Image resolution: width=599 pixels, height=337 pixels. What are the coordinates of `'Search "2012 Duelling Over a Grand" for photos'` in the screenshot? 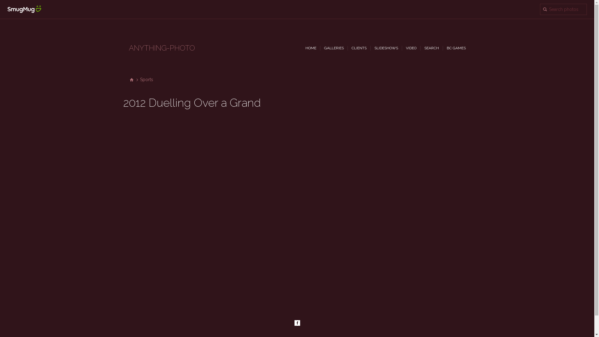 It's located at (563, 9).